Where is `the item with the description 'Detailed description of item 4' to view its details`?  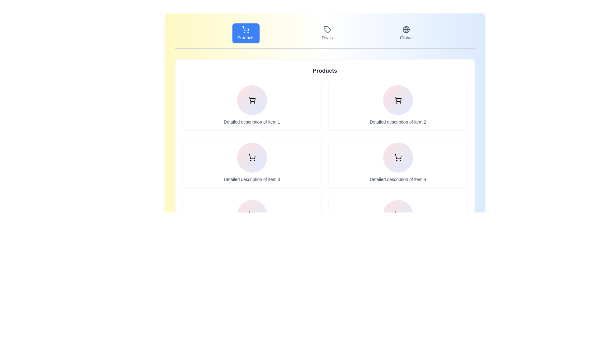 the item with the description 'Detailed description of item 4' to view its details is located at coordinates (397, 162).